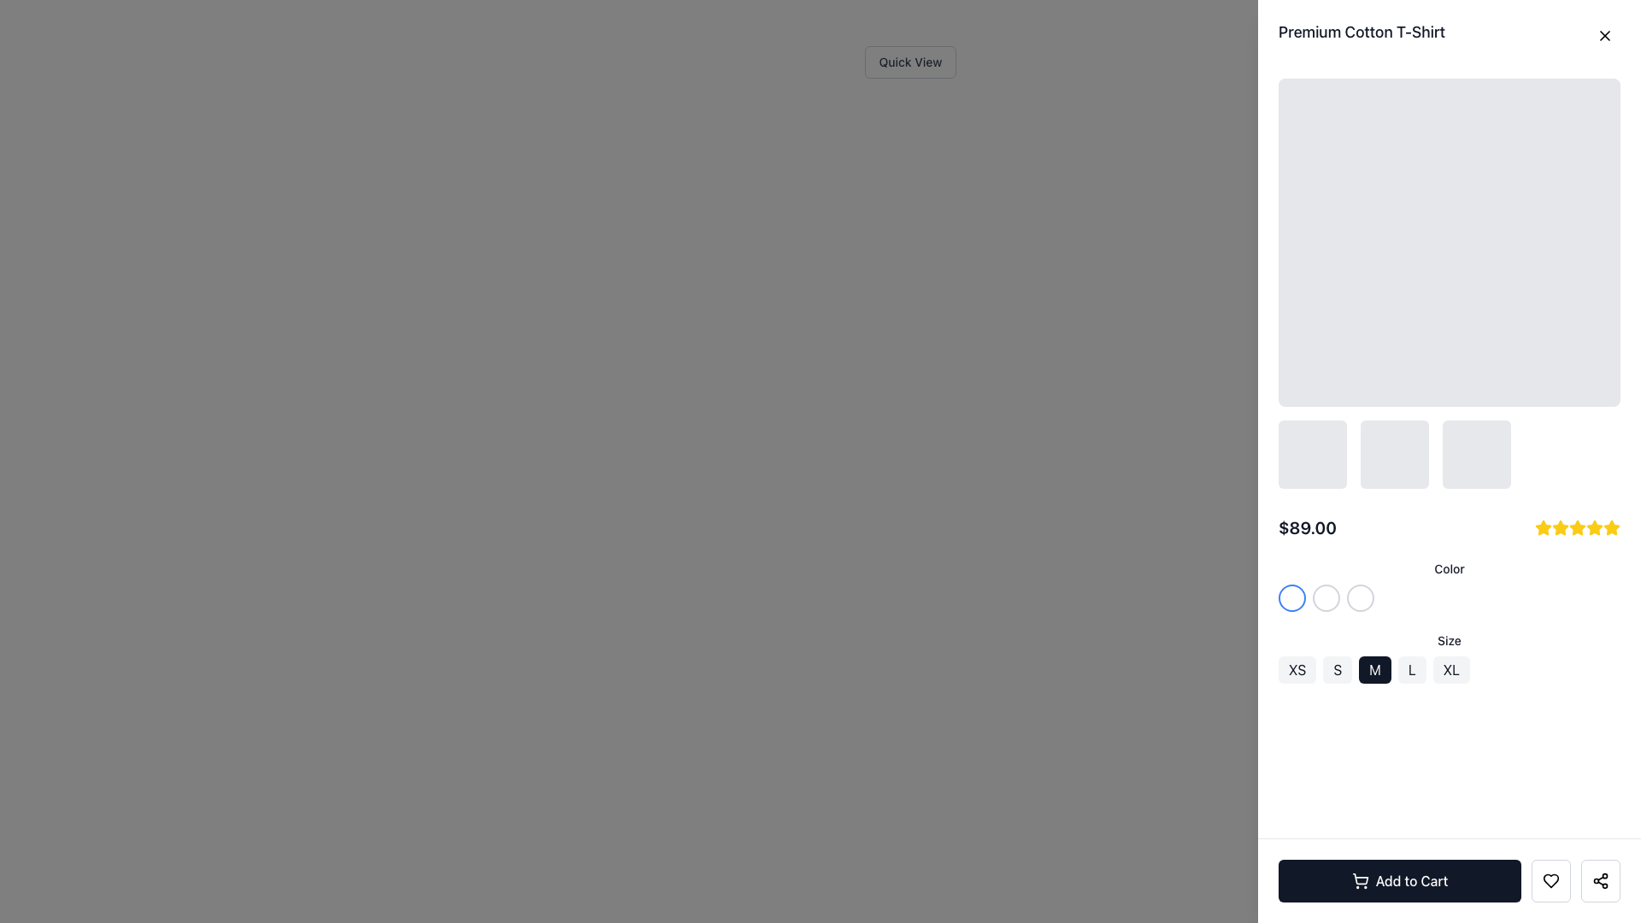 The image size is (1641, 923). What do you see at coordinates (1337, 668) in the screenshot?
I see `the button displaying 'S' in the Size section` at bounding box center [1337, 668].